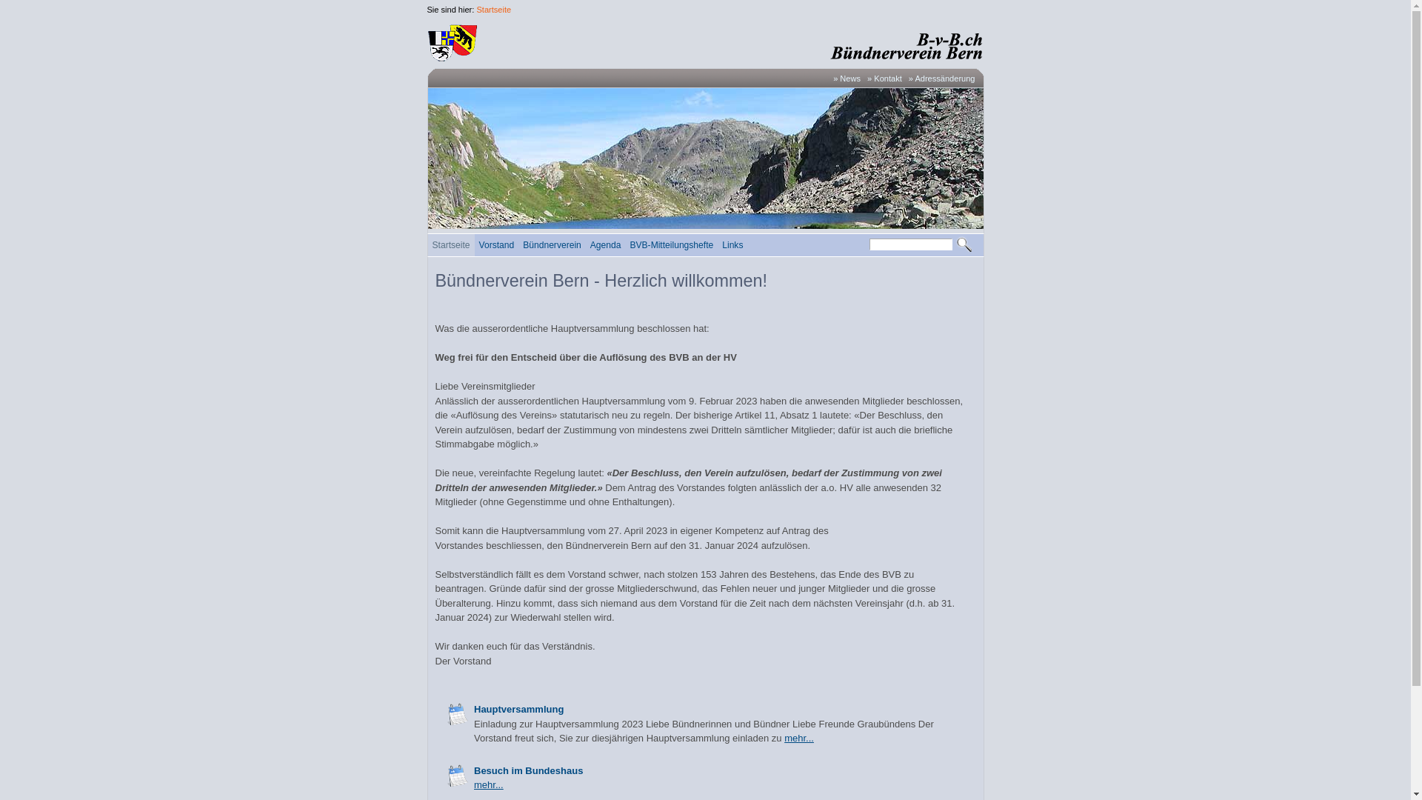 Image resolution: width=1422 pixels, height=800 pixels. What do you see at coordinates (528, 769) in the screenshot?
I see `'Besuch im Bundeshaus'` at bounding box center [528, 769].